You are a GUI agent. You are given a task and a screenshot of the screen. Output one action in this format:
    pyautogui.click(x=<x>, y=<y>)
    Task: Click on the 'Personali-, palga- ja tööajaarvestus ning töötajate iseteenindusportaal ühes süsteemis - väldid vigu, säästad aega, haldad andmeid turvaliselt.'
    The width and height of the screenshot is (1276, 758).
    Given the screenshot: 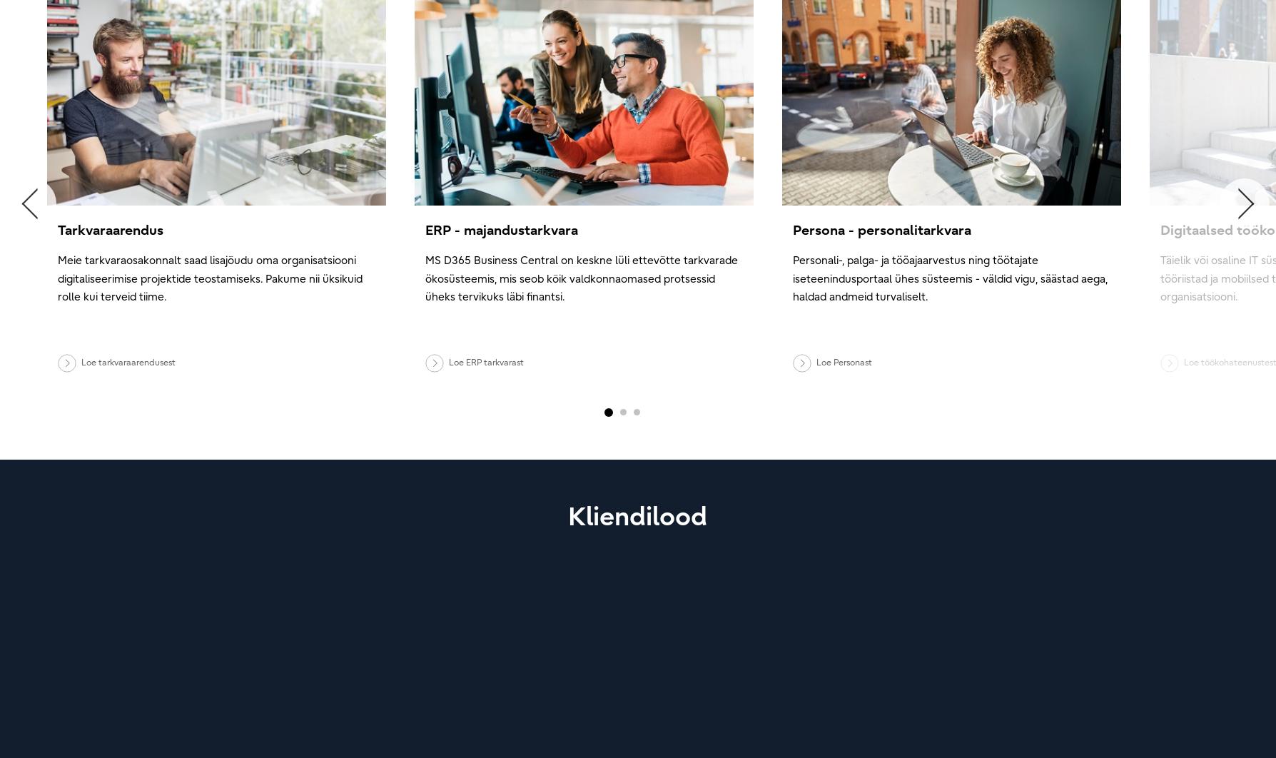 What is the action you would take?
    pyautogui.click(x=949, y=278)
    